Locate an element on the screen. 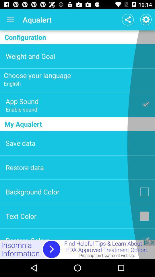 This screenshot has width=155, height=277. watch advertisement is located at coordinates (77, 249).